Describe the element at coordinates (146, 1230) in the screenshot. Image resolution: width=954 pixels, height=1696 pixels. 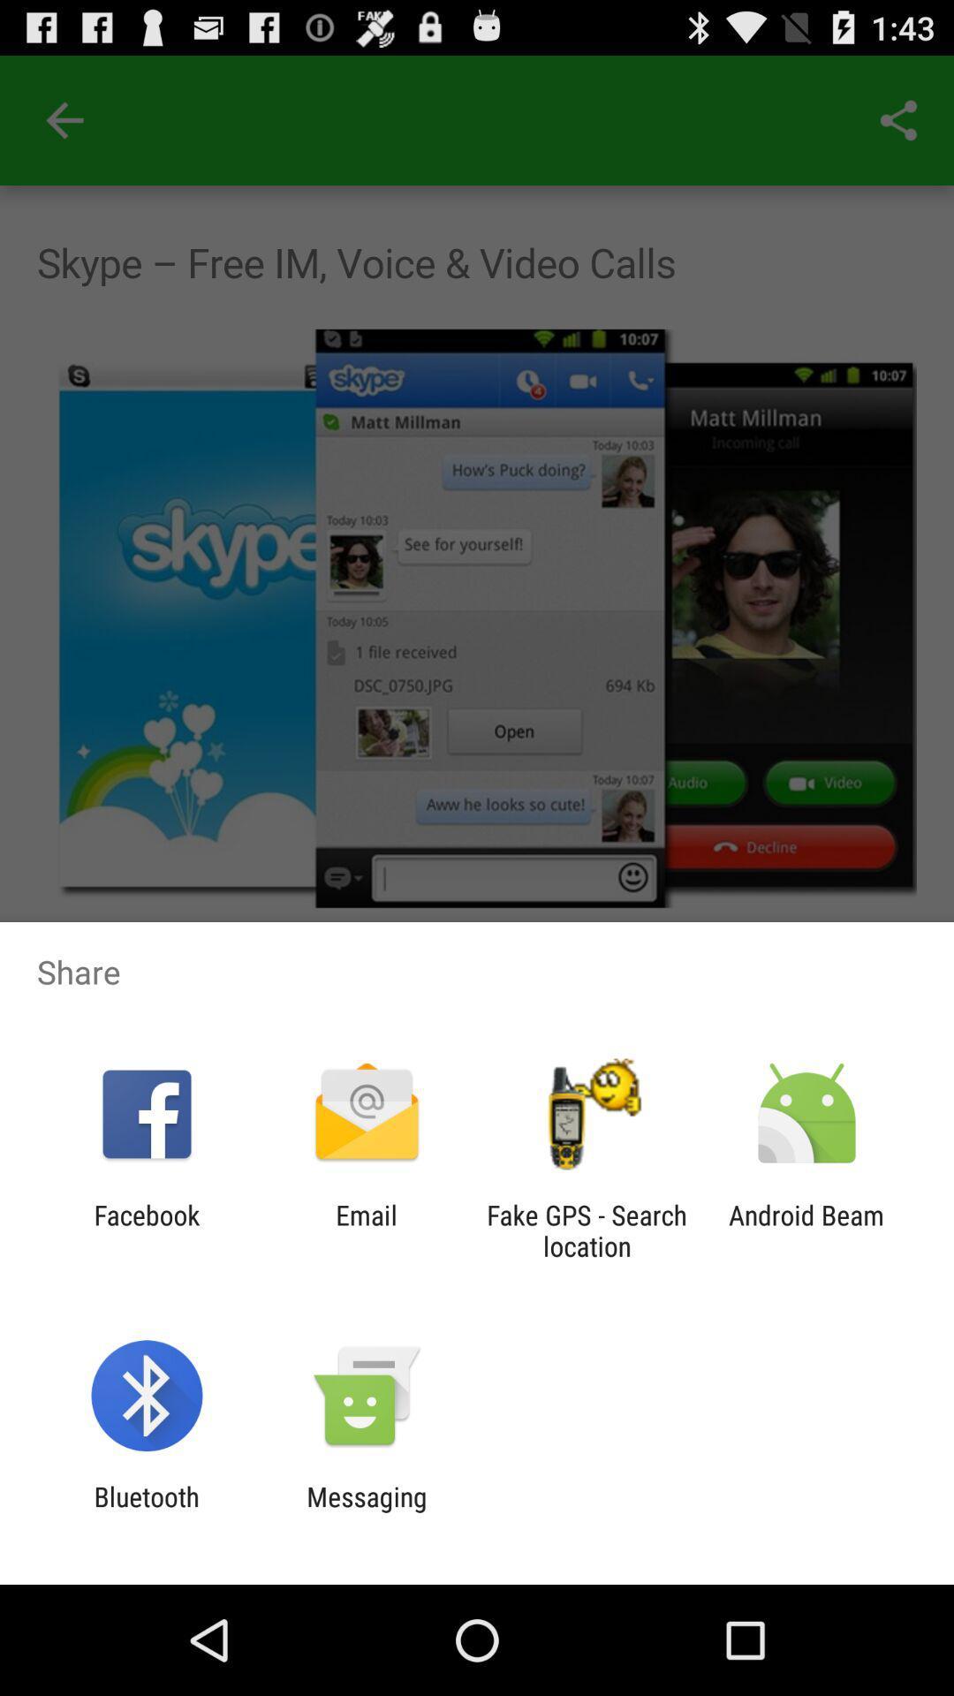
I see `the icon next to the email app` at that location.